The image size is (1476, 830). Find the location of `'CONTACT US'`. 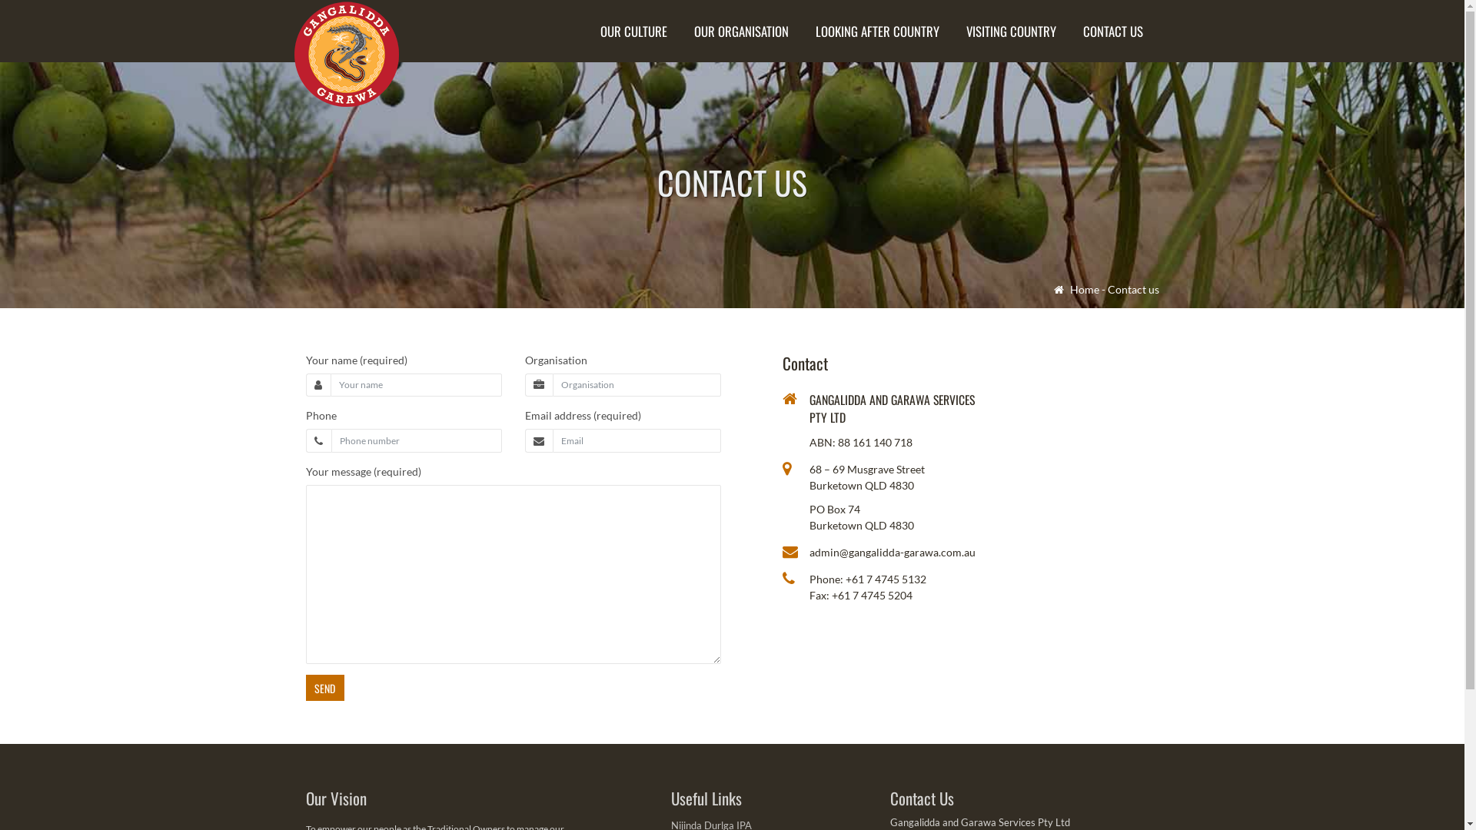

'CONTACT US' is located at coordinates (1070, 31).